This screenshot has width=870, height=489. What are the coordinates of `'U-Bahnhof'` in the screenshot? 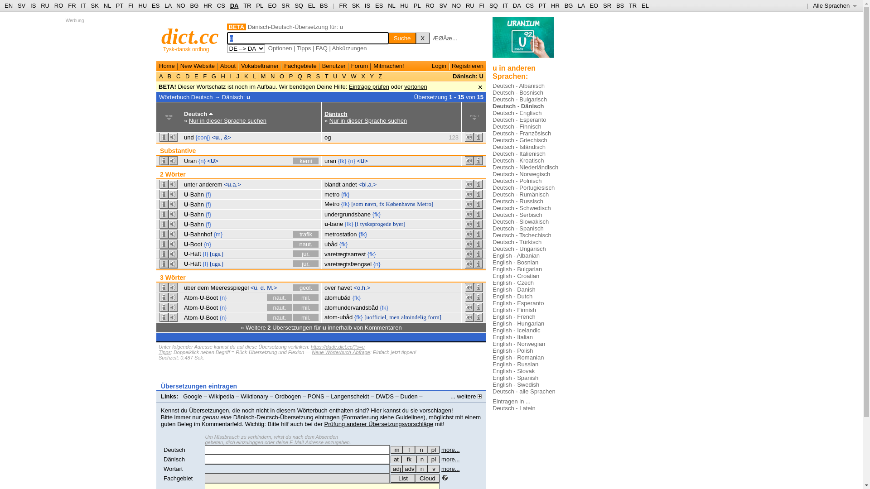 It's located at (184, 234).